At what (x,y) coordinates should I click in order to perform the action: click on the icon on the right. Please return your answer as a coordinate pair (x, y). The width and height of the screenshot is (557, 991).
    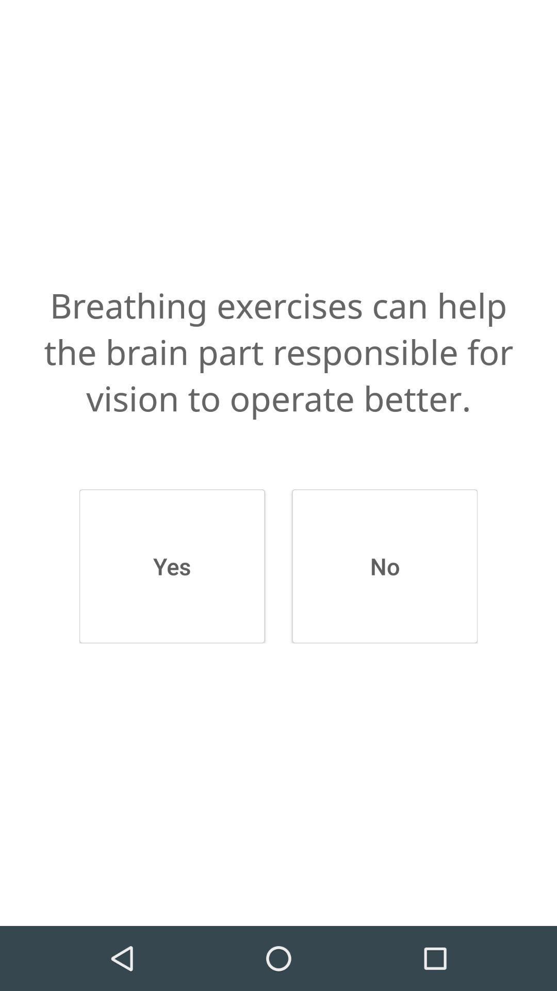
    Looking at the image, I should click on (385, 566).